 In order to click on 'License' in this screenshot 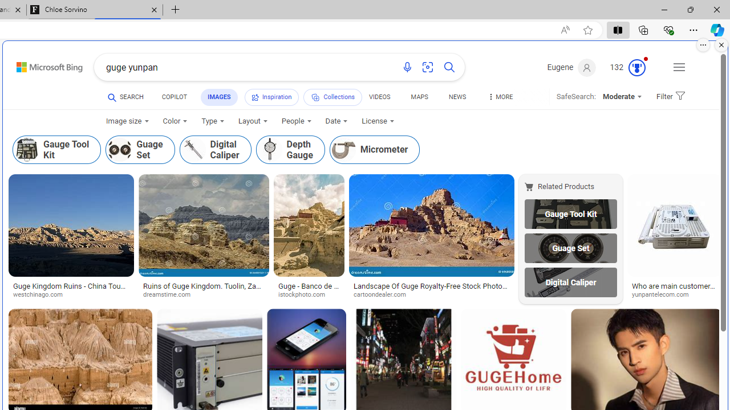, I will do `click(378, 121)`.